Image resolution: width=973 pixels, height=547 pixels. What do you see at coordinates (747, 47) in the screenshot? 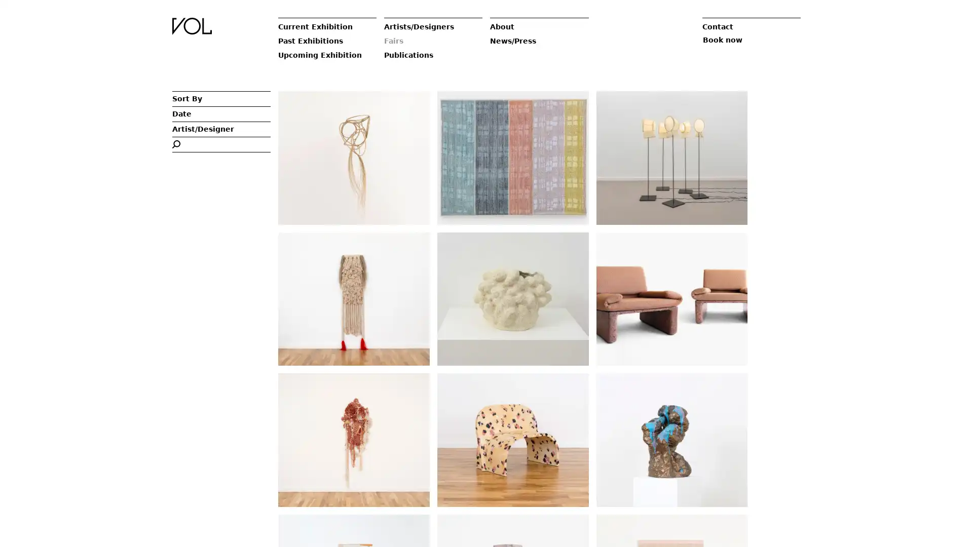
I see `Book now` at bounding box center [747, 47].